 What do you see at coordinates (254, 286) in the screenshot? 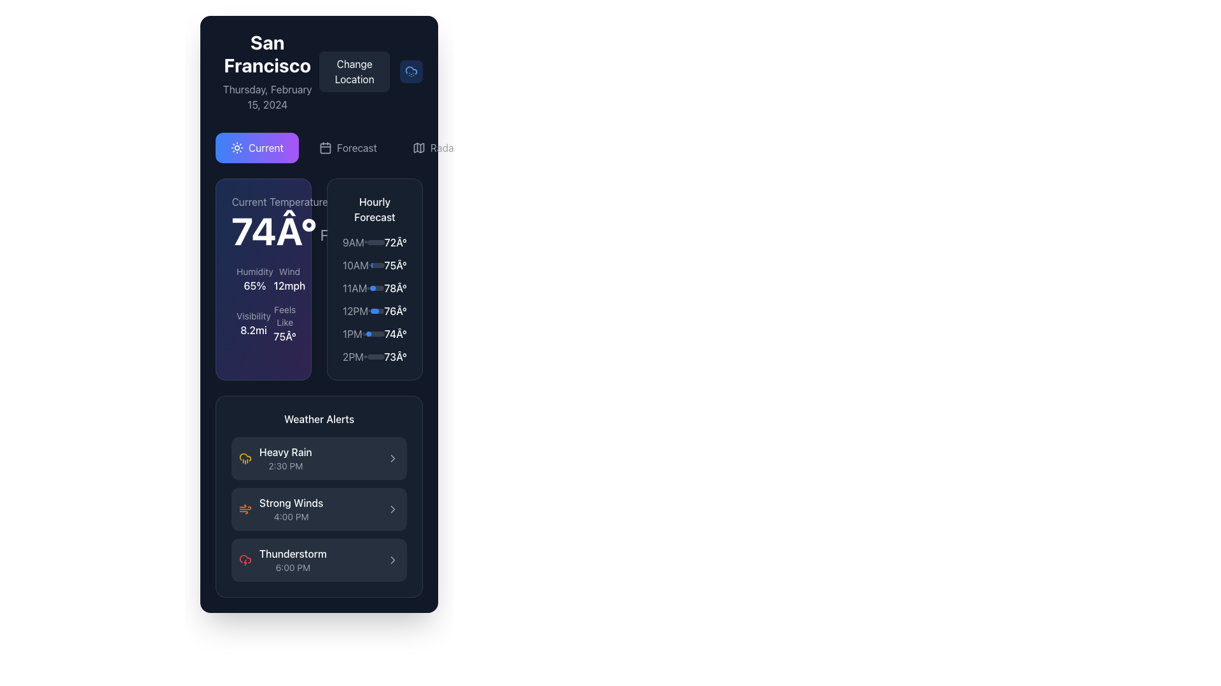
I see `text displaying the current humidity percentage, which is located beneath the 'Humidity' label in the 'Current Temperature' section of the interface` at bounding box center [254, 286].